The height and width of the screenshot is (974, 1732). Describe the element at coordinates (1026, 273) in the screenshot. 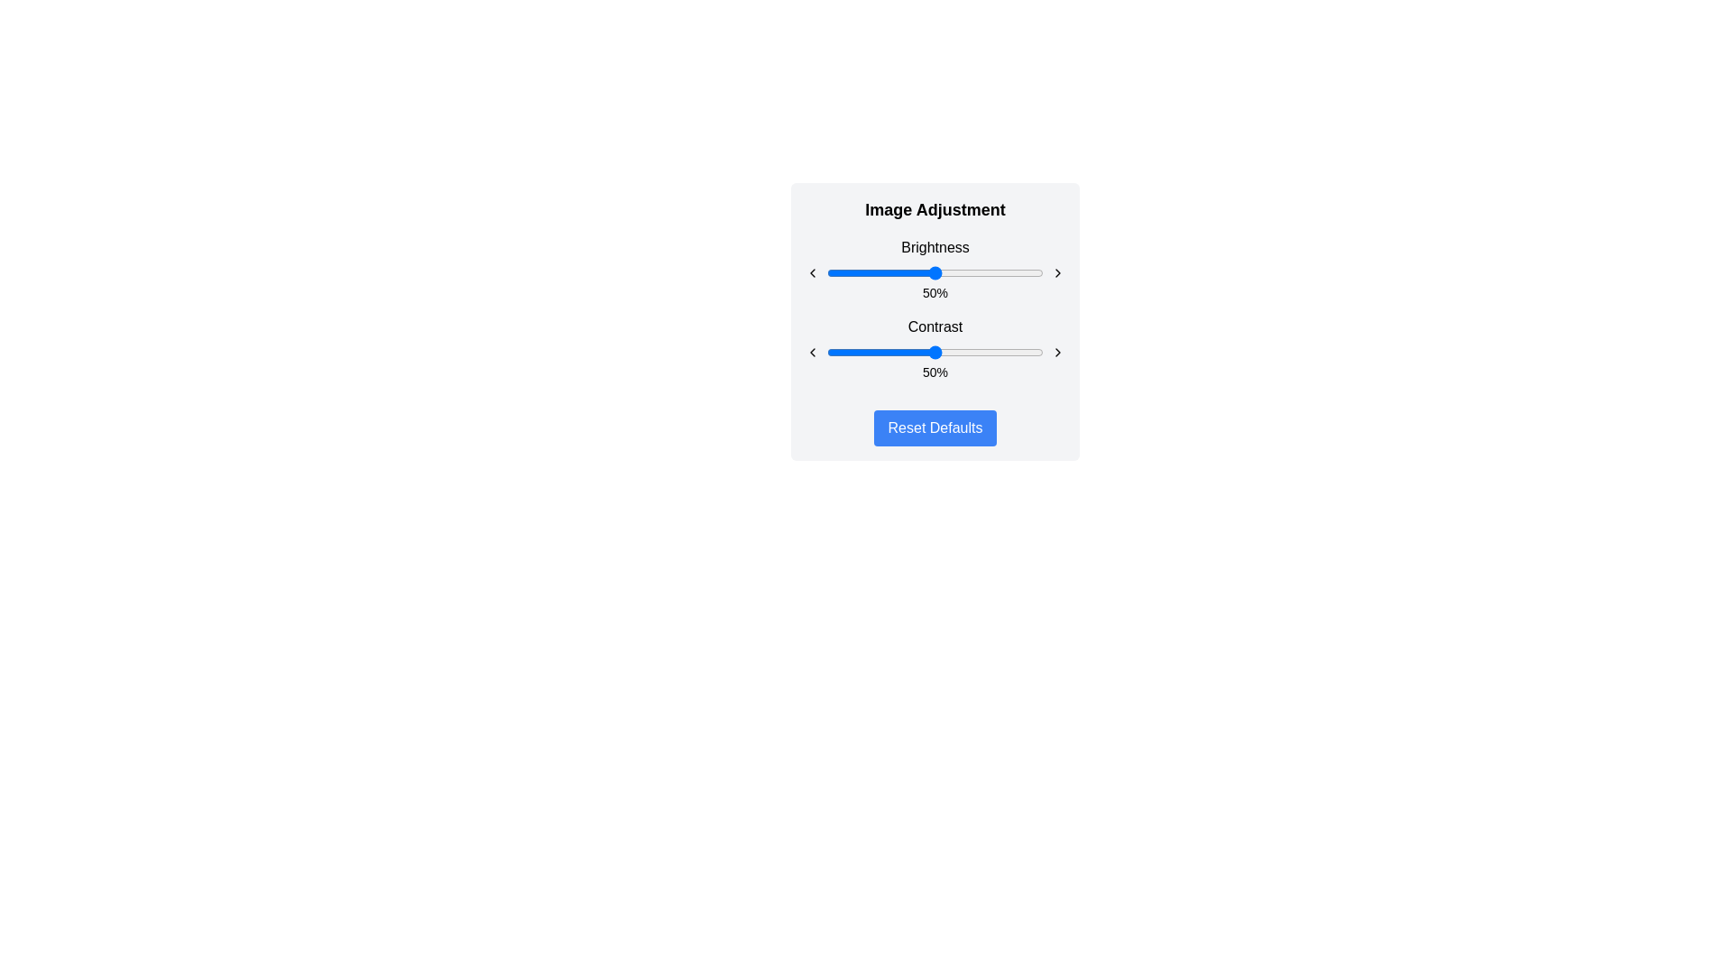

I see `brightness` at that location.